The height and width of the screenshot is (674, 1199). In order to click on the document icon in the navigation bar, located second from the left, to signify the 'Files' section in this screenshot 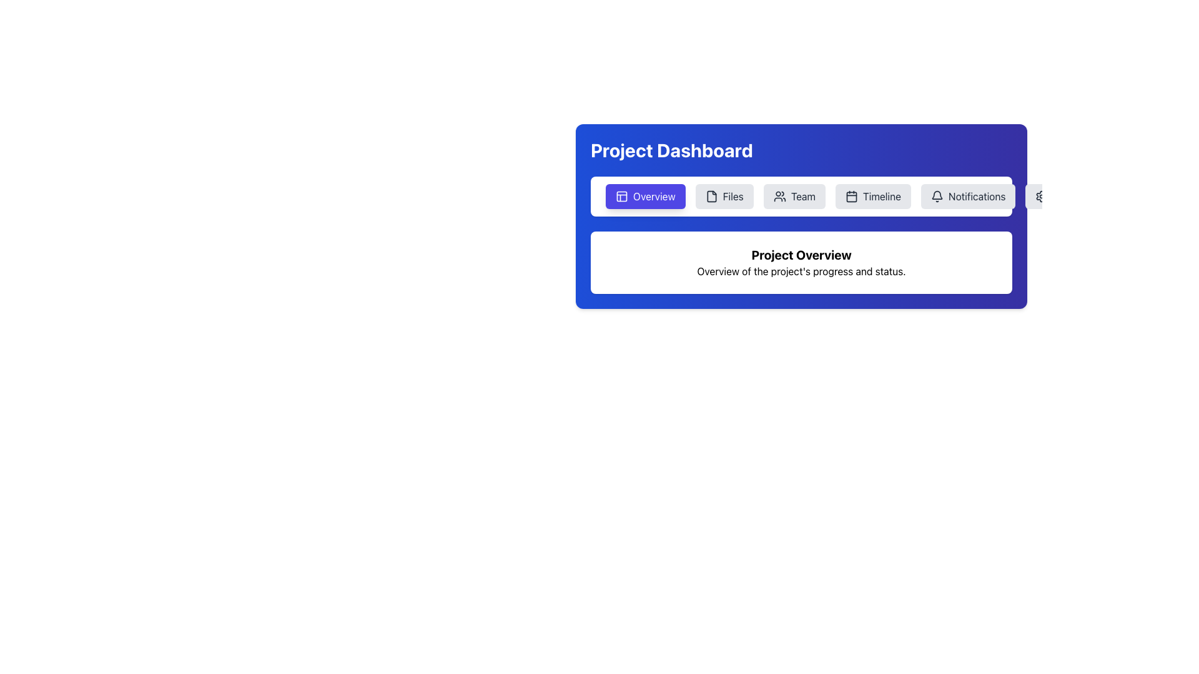, I will do `click(711, 197)`.